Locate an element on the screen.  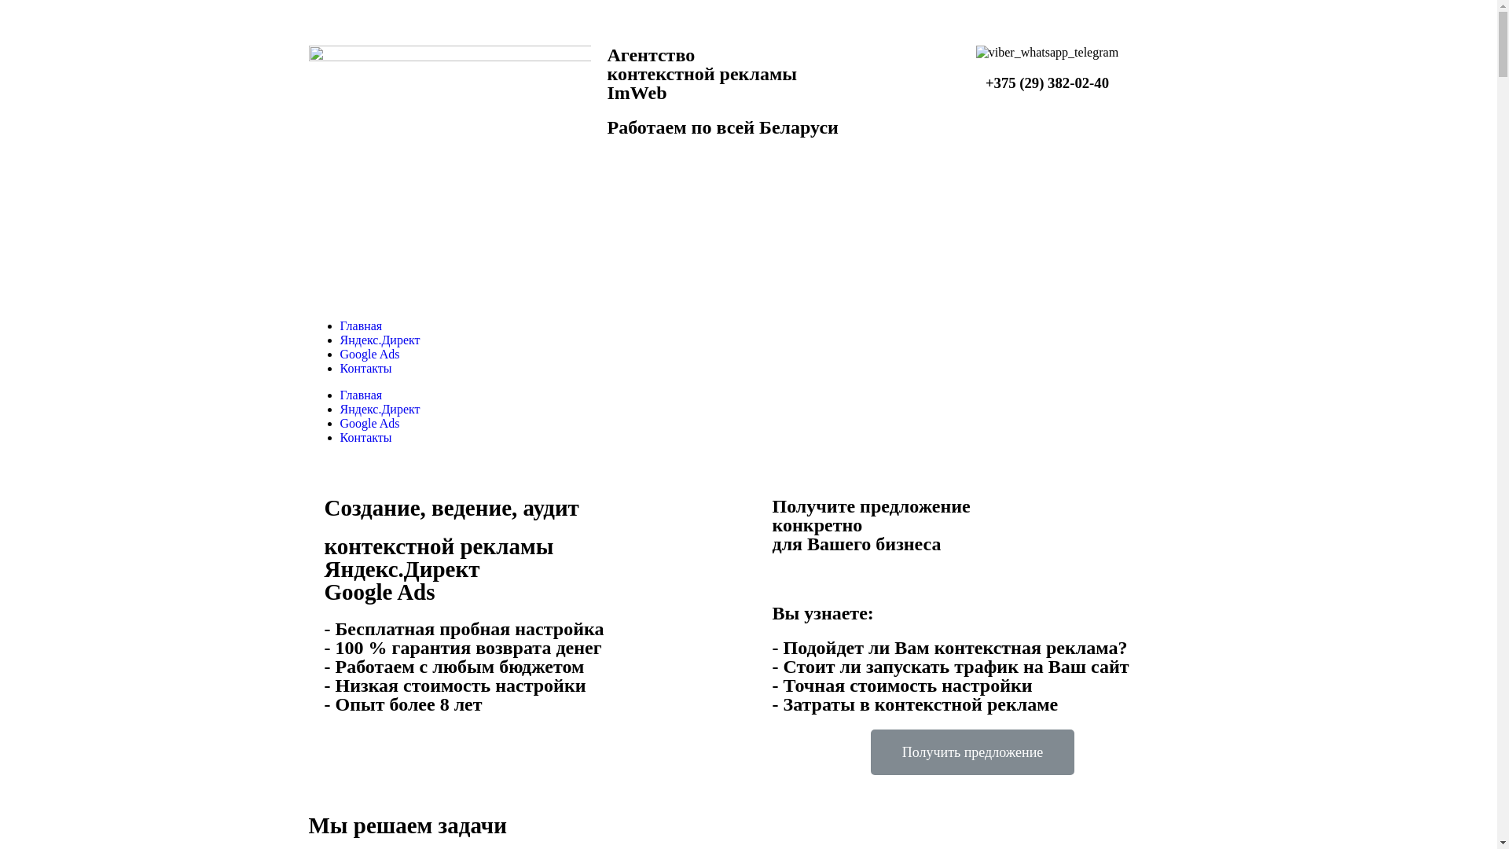
'Google Ads' is located at coordinates (369, 422).